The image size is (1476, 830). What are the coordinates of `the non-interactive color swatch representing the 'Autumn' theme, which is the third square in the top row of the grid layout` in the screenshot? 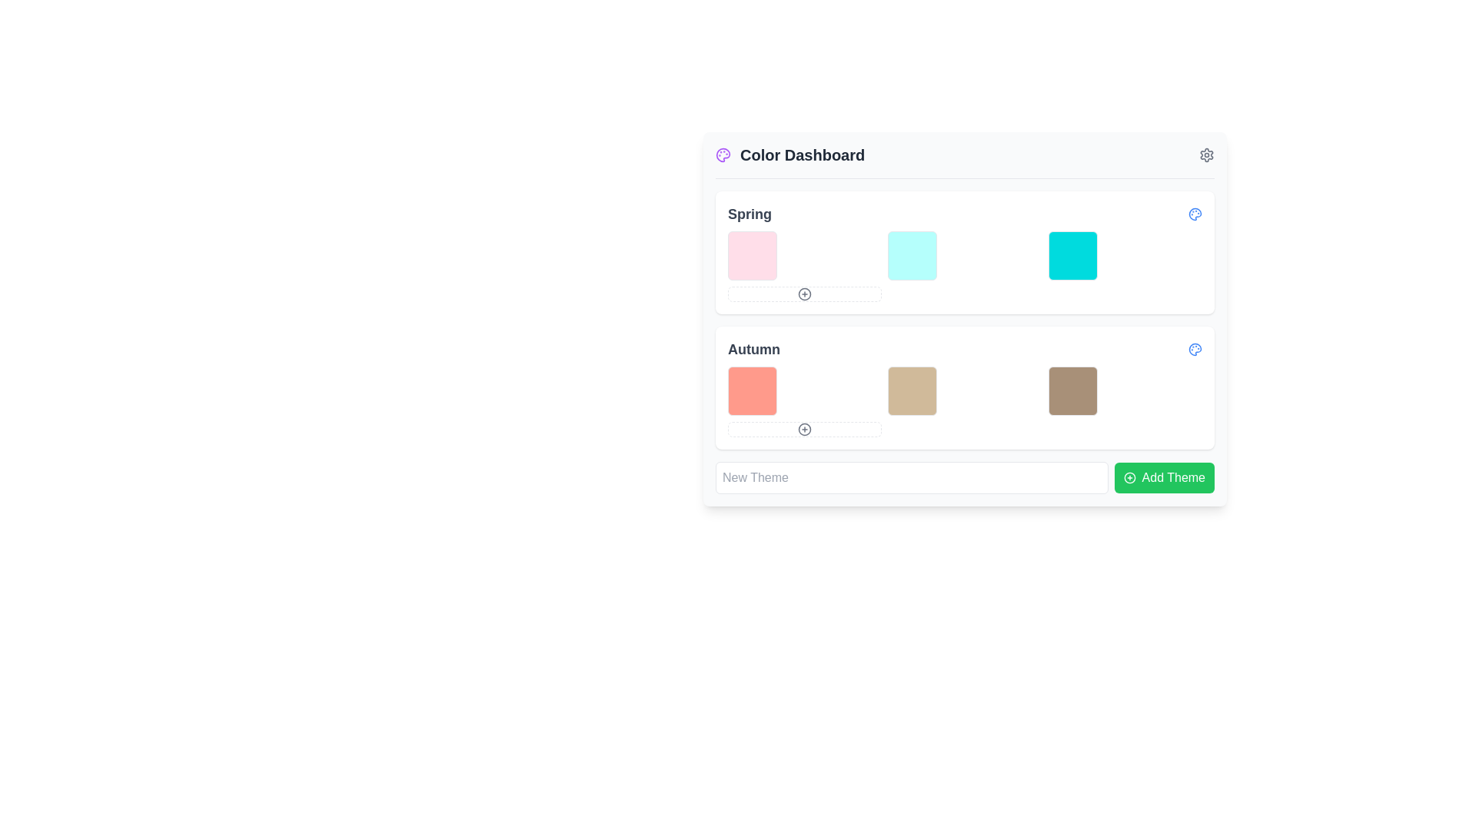 It's located at (1072, 390).